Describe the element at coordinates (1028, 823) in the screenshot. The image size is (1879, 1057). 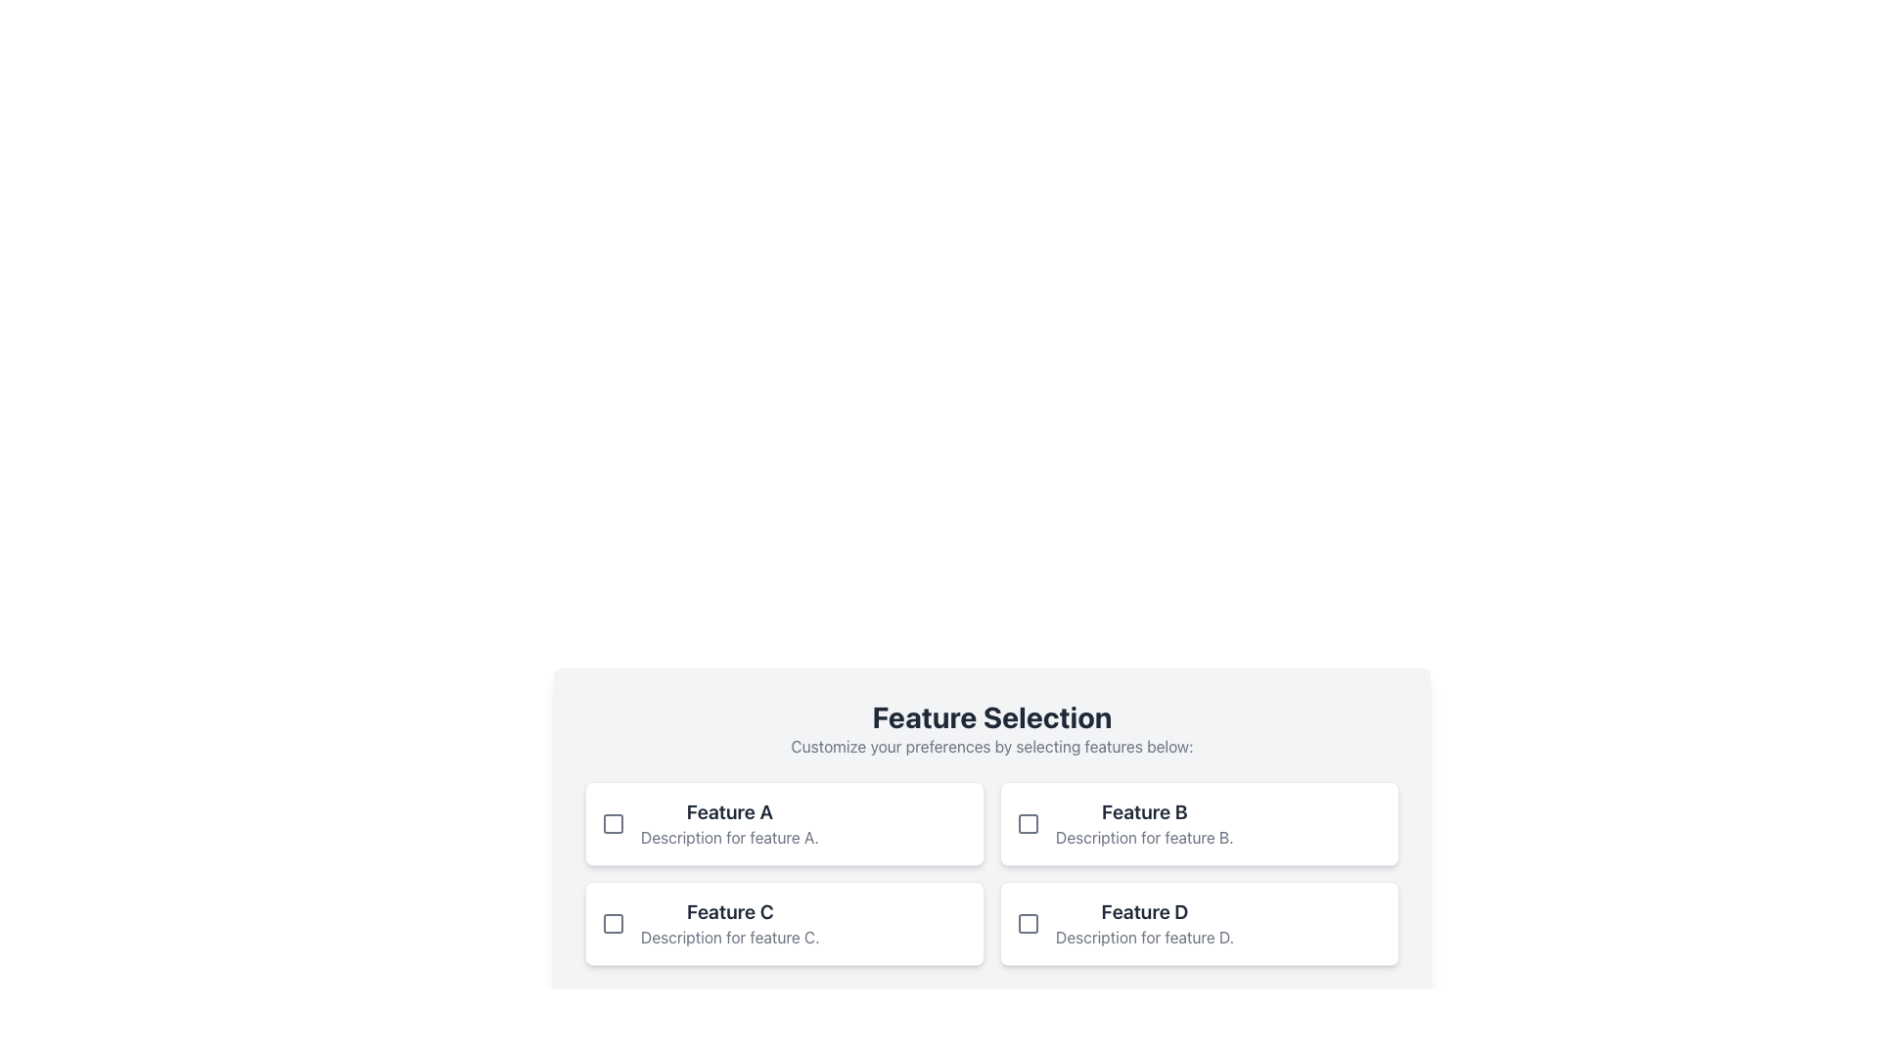
I see `the square-shaped checkbox with rounded corners, located to the left of the text 'Feature B' in the second box of the grid layout` at that location.